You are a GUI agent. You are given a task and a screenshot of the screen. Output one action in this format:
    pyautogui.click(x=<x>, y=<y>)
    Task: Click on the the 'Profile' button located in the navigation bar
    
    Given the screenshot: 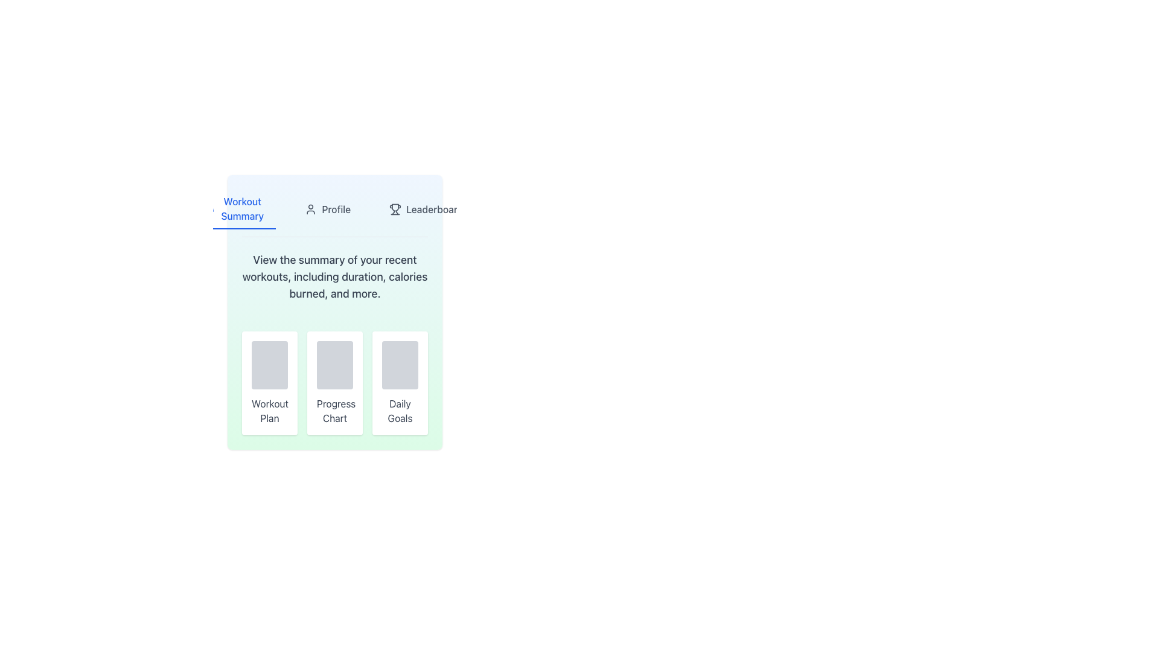 What is the action you would take?
    pyautogui.click(x=335, y=213)
    